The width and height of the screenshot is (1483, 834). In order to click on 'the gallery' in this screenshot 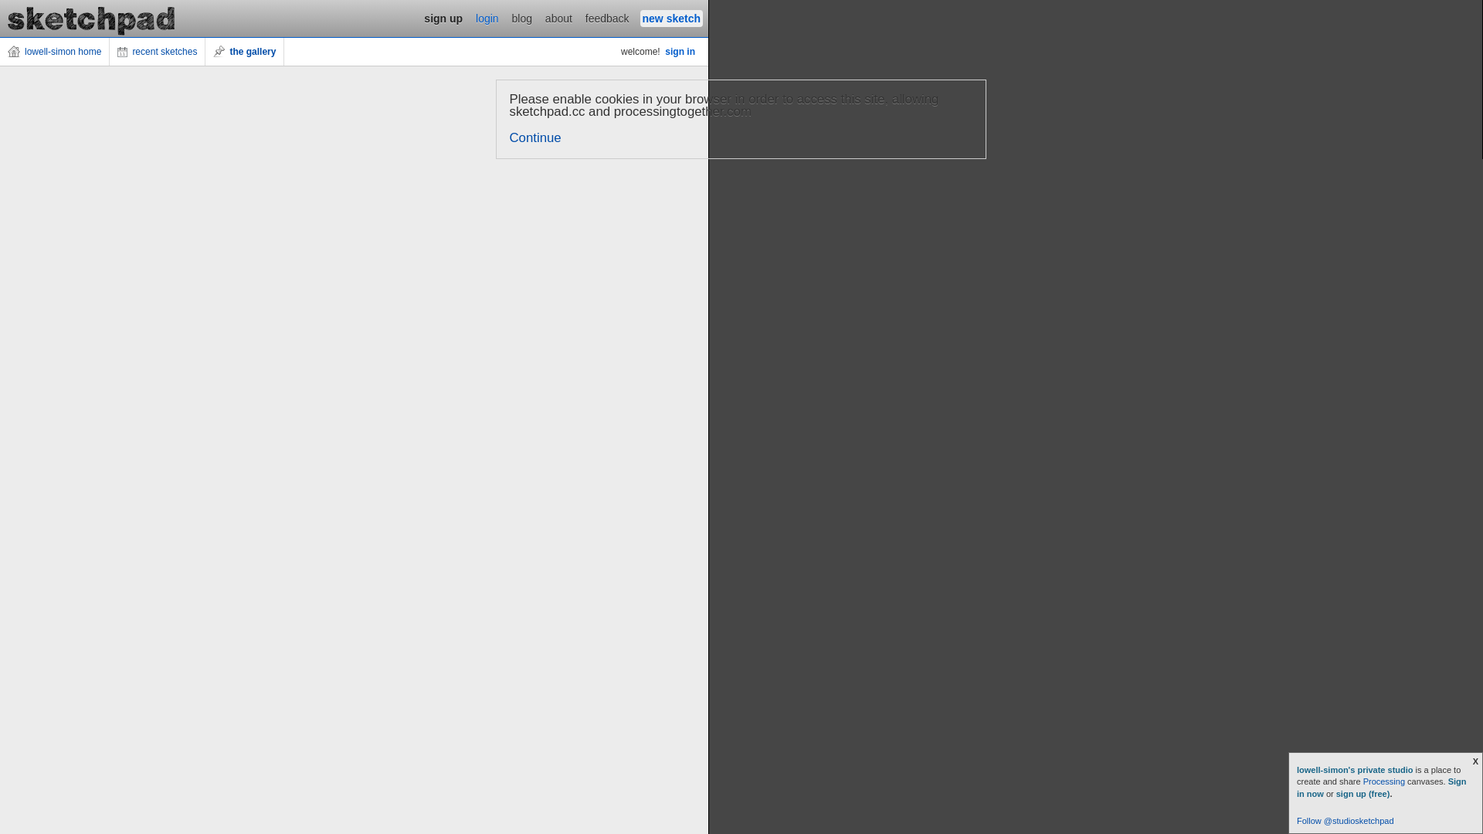, I will do `click(243, 50)`.